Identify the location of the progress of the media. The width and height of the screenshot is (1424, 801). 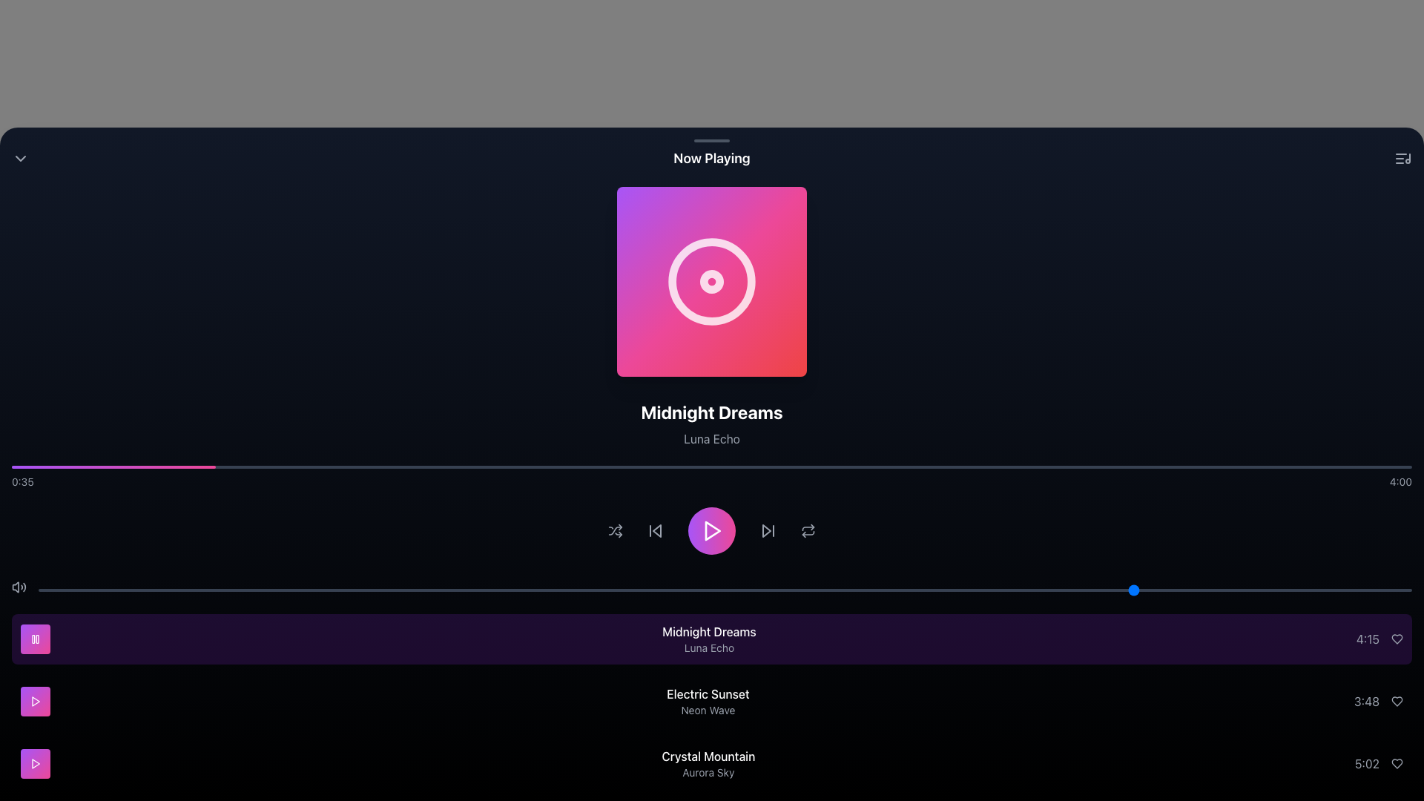
(627, 466).